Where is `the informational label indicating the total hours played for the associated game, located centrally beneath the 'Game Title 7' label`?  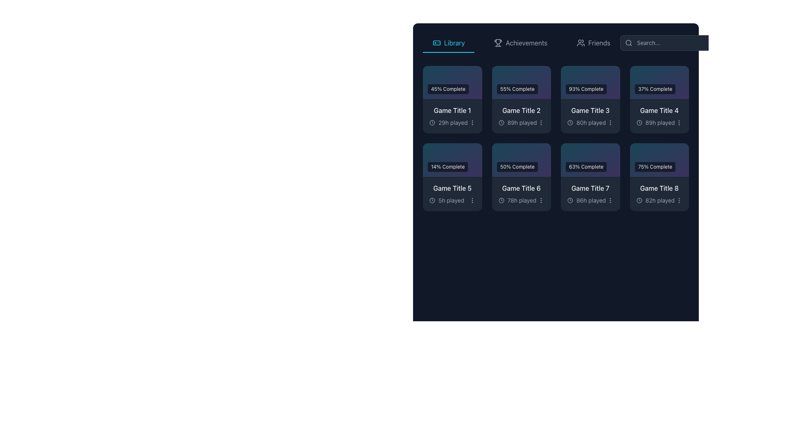
the informational label indicating the total hours played for the associated game, located centrally beneath the 'Game Title 7' label is located at coordinates (590, 200).